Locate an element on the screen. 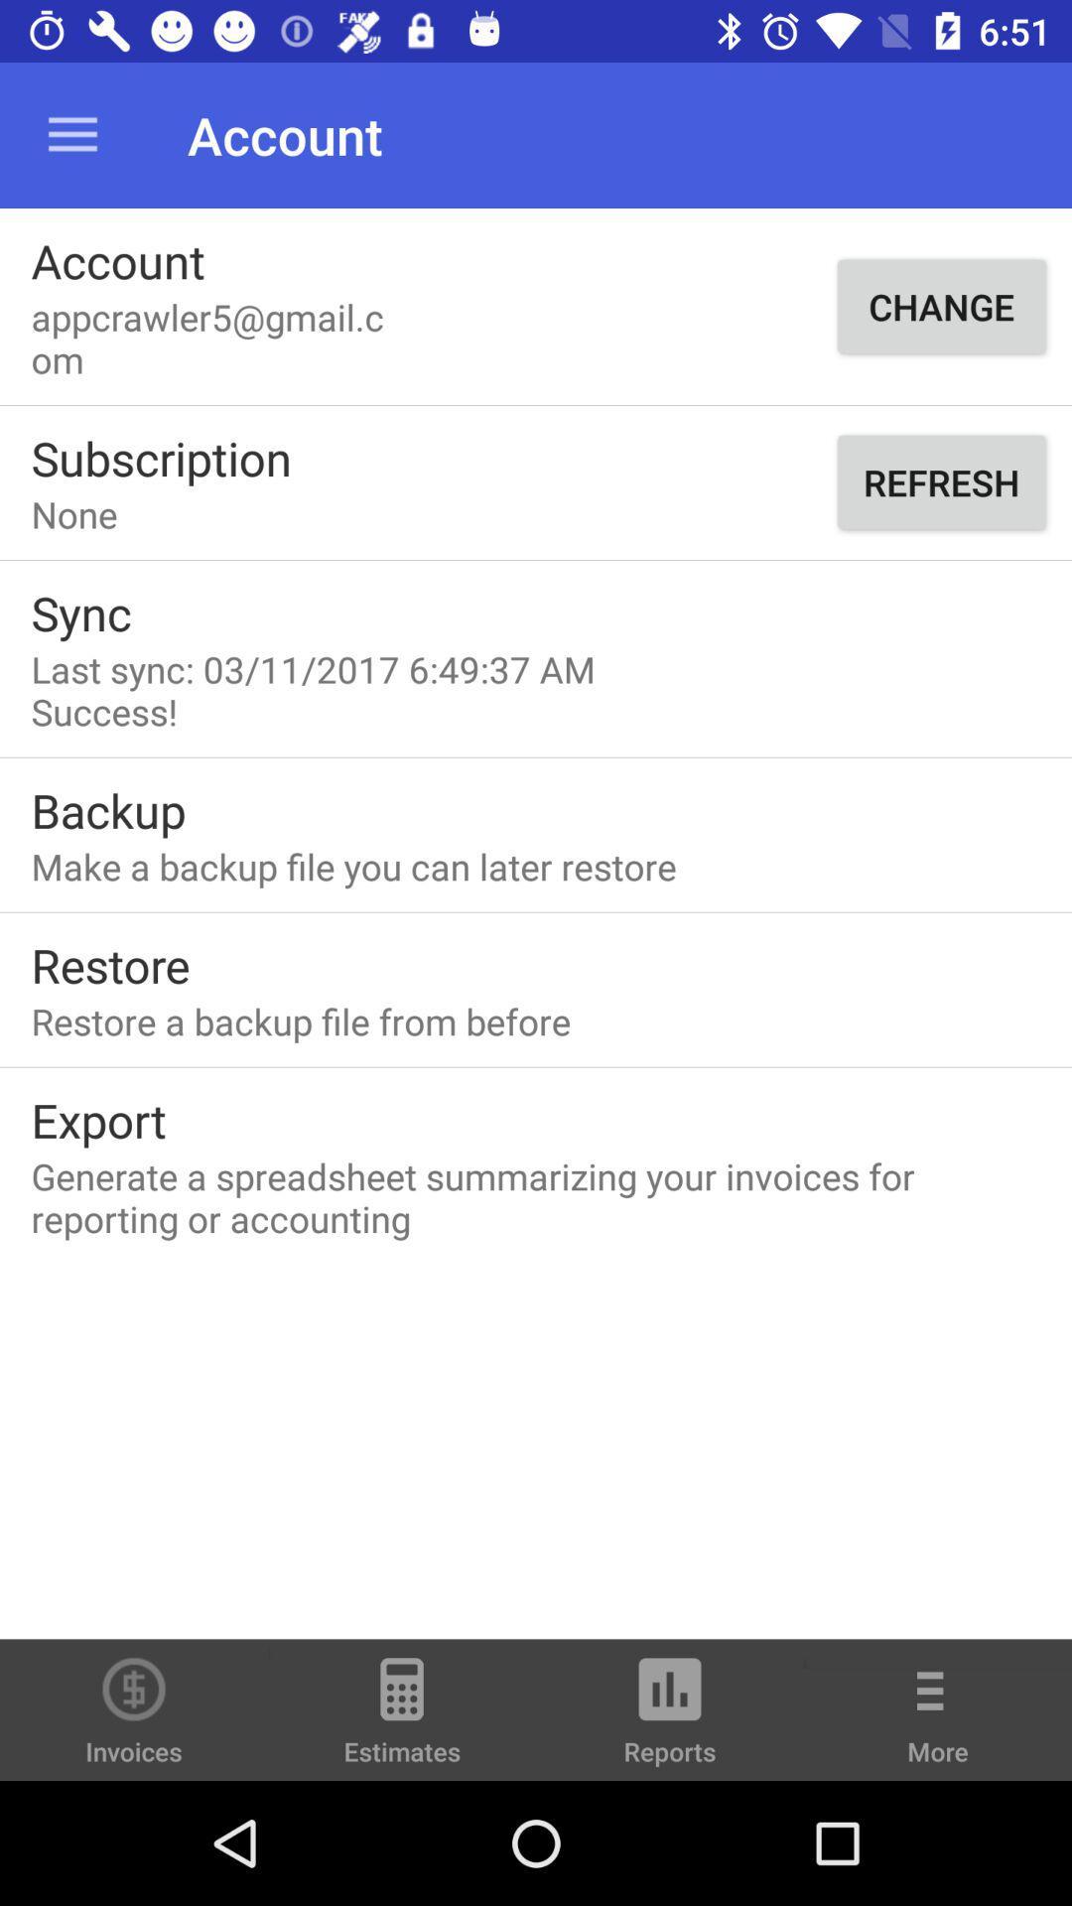 The height and width of the screenshot is (1906, 1072). item above account icon is located at coordinates (71, 134).